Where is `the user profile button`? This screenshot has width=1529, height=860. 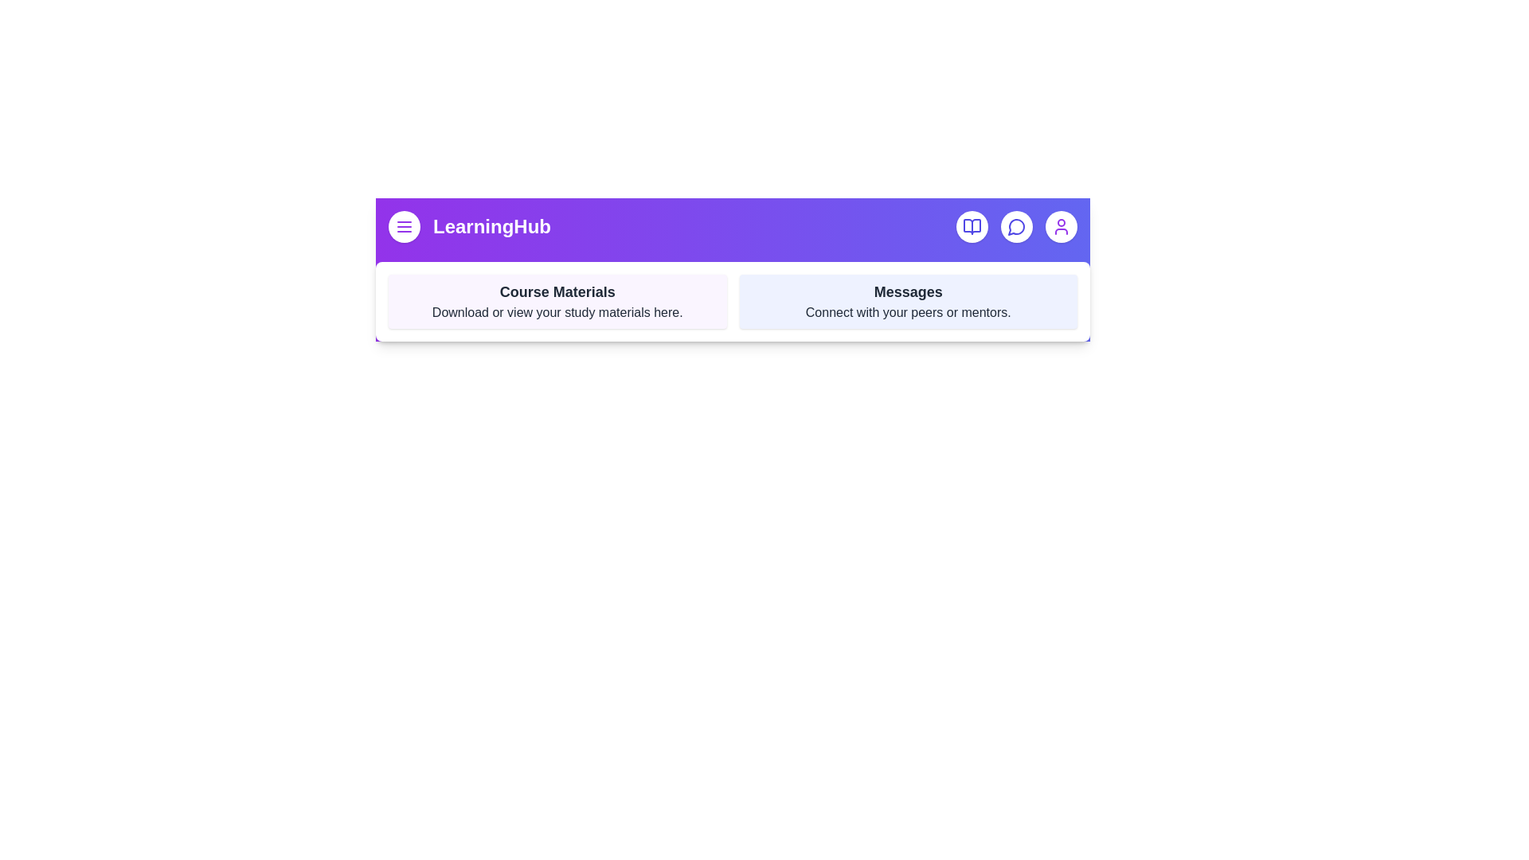
the user profile button is located at coordinates (1062, 227).